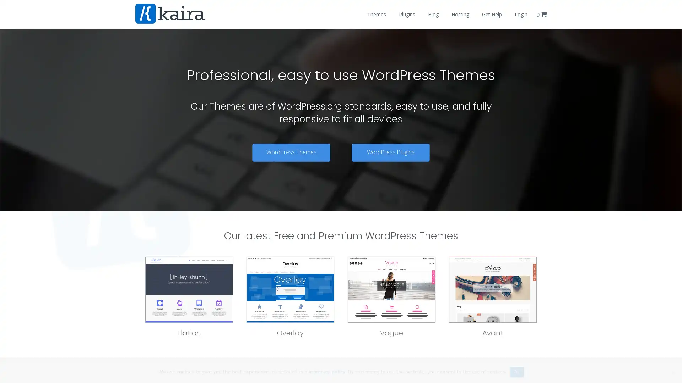 The width and height of the screenshot is (682, 383). Describe the element at coordinates (390, 152) in the screenshot. I see `WordPress Plugins` at that location.